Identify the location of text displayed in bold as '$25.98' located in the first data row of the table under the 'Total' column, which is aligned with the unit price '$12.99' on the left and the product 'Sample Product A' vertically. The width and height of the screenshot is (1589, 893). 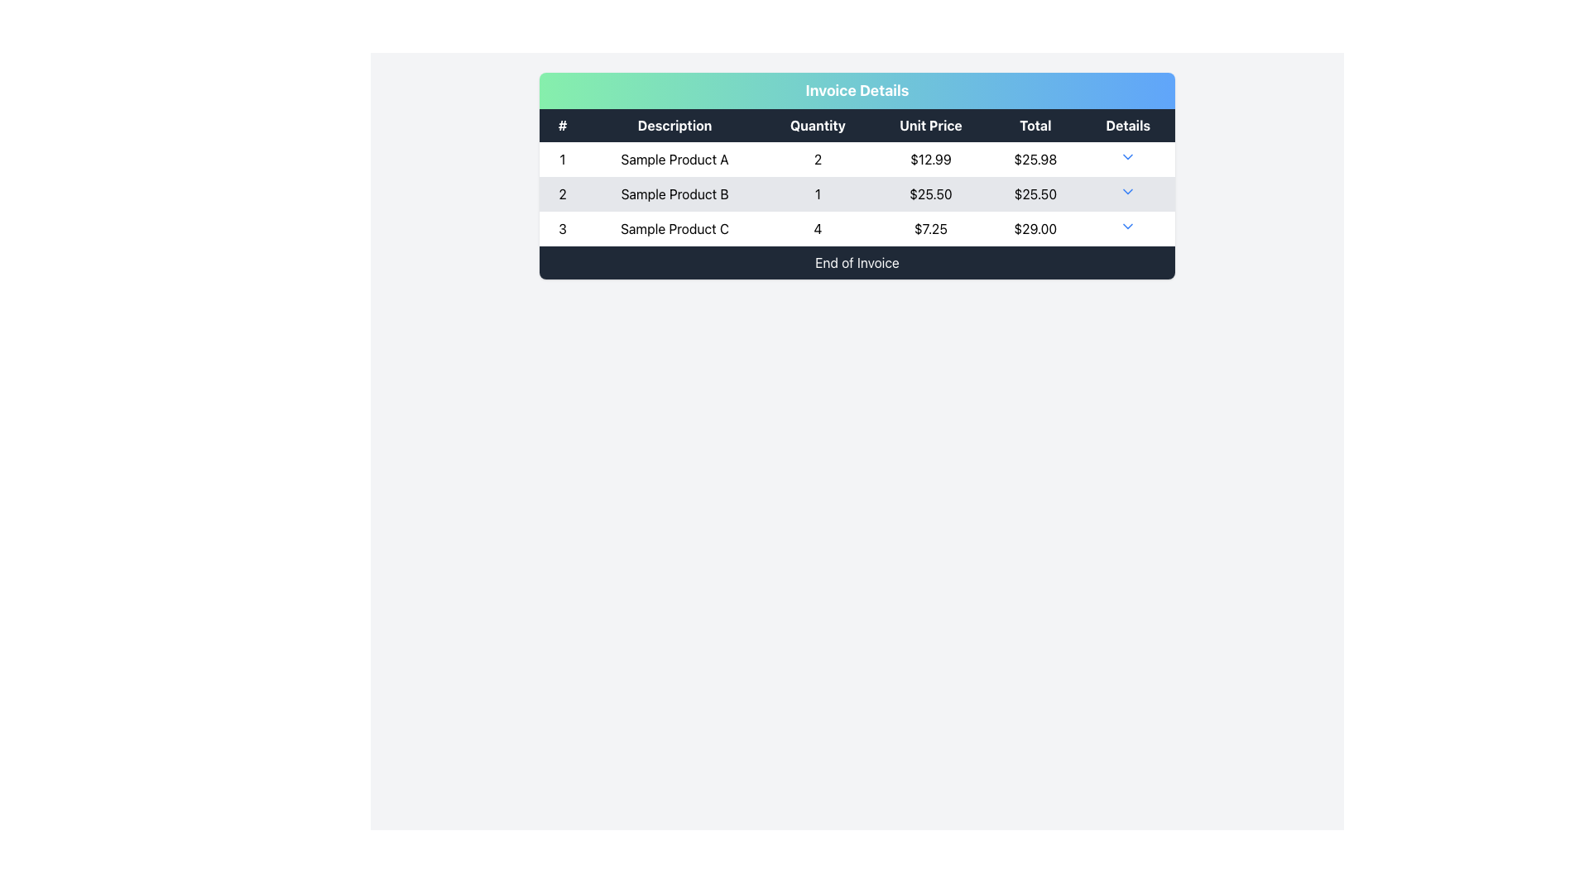
(1035, 159).